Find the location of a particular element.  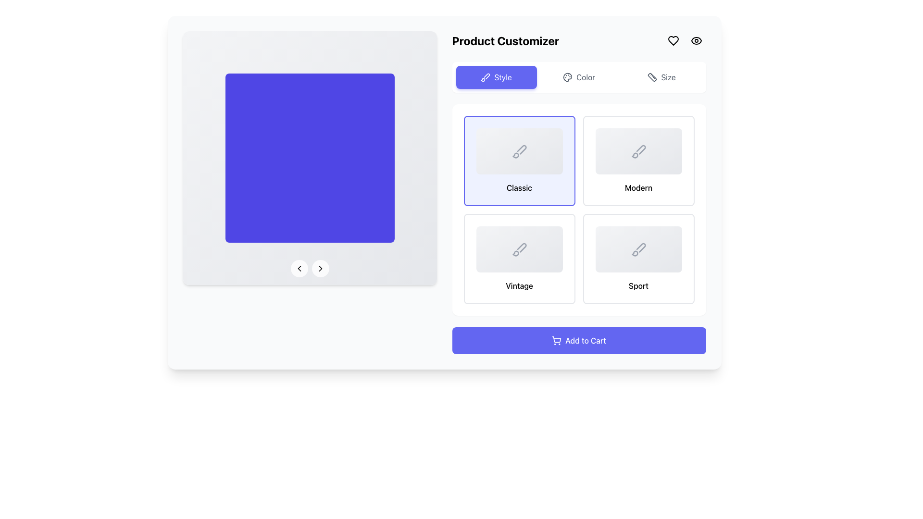

the card labeled 'Vintage' which is located in the second row, first column of the grid is located at coordinates (519, 259).